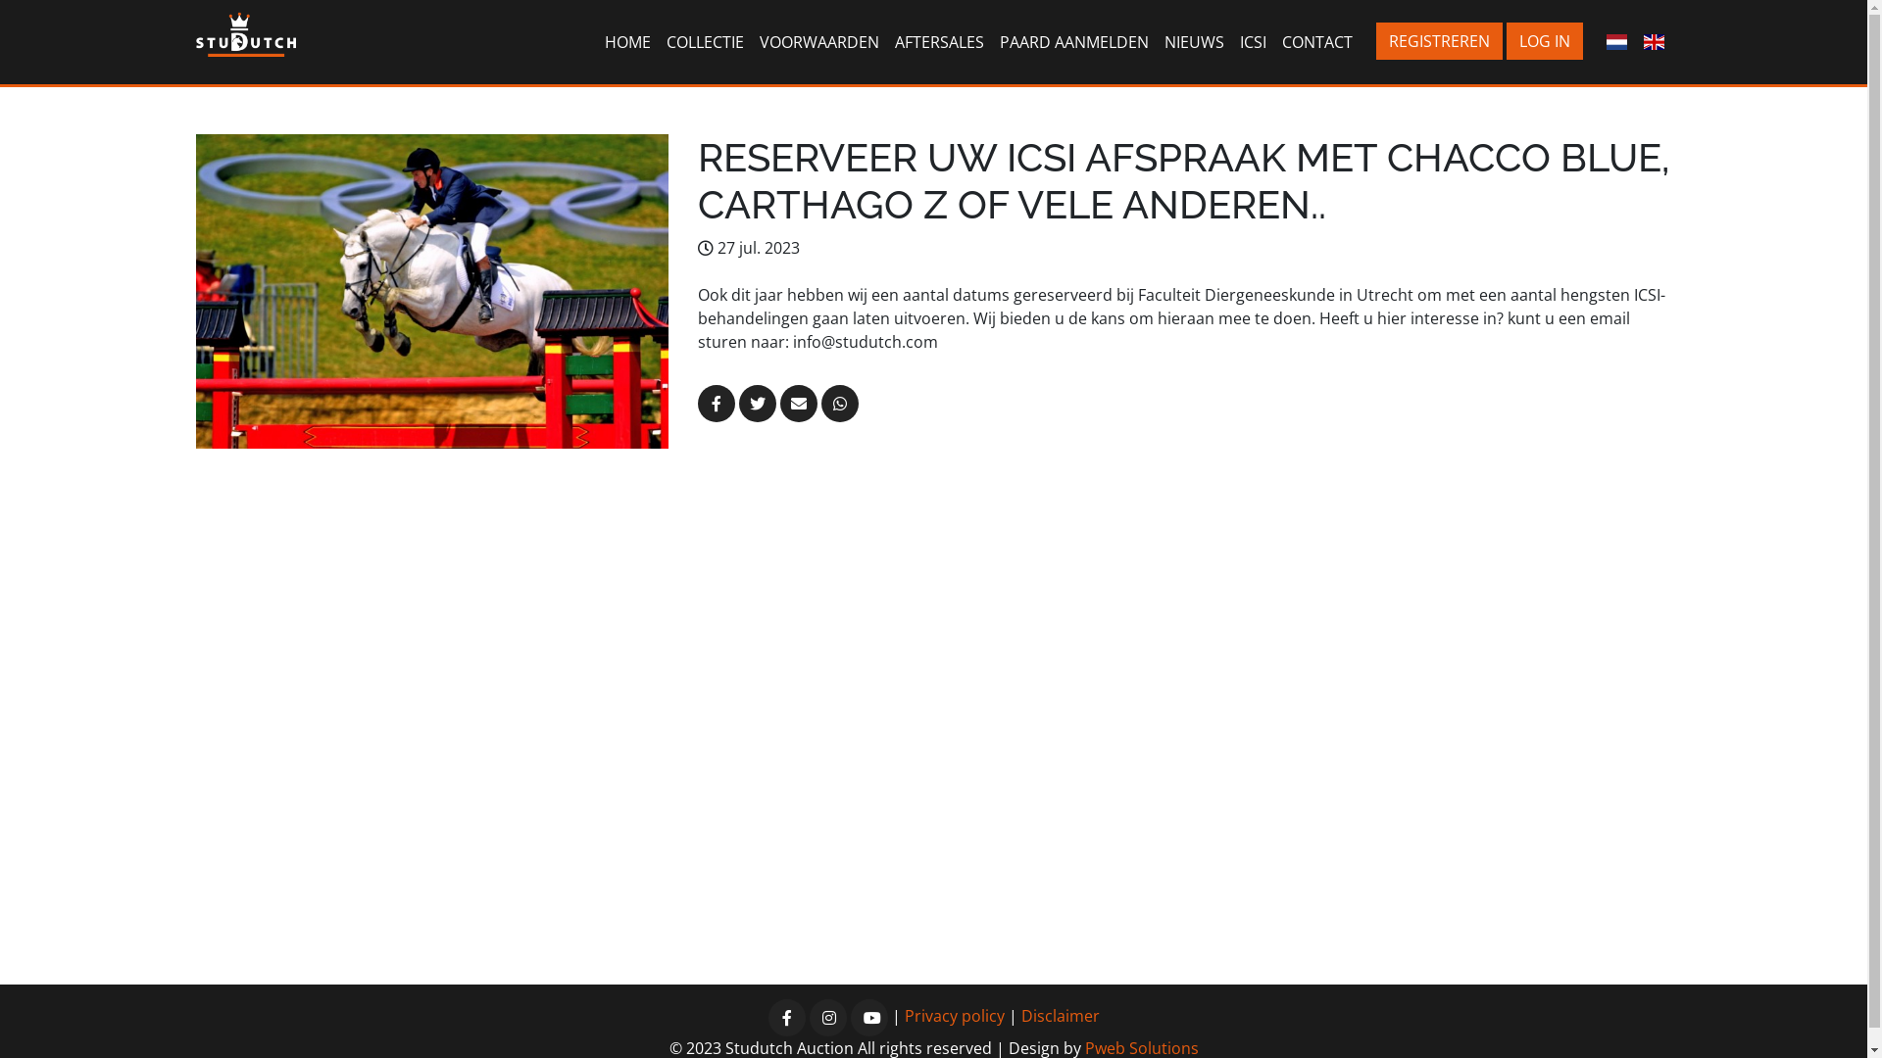 The width and height of the screenshot is (1882, 1058). What do you see at coordinates (902, 1015) in the screenshot?
I see `'Privacy policy'` at bounding box center [902, 1015].